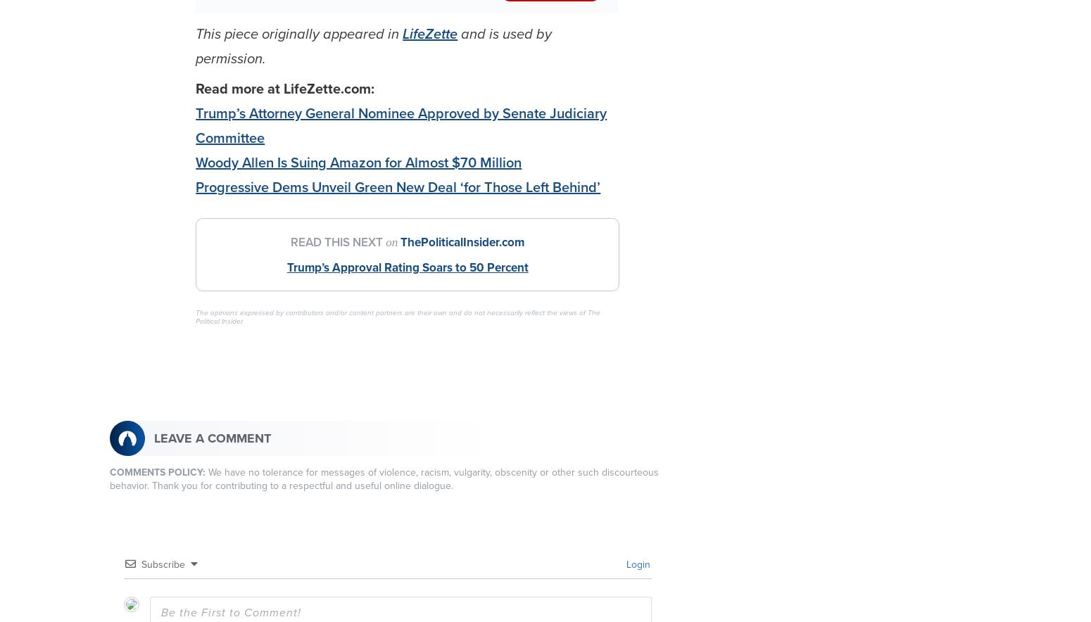  What do you see at coordinates (401, 241) in the screenshot?
I see `'ThePoliticalInsider.com'` at bounding box center [401, 241].